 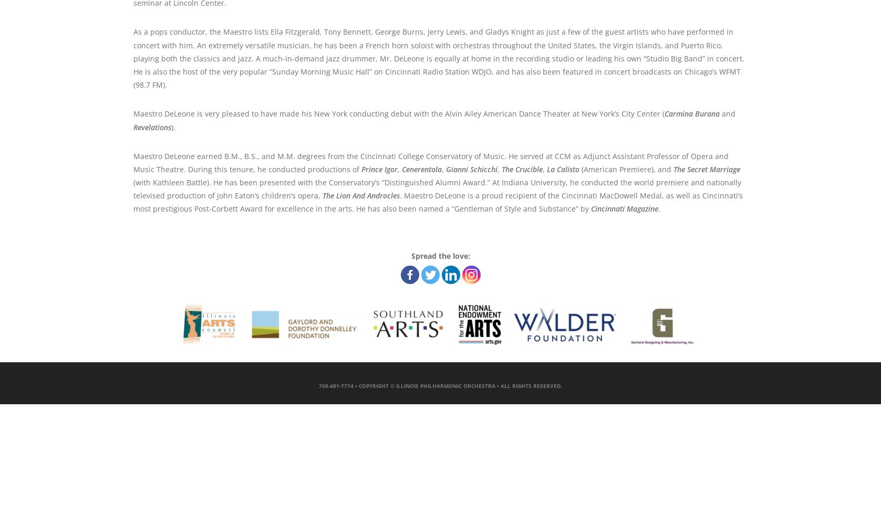 What do you see at coordinates (440, 255) in the screenshot?
I see `'Spread the love:'` at bounding box center [440, 255].